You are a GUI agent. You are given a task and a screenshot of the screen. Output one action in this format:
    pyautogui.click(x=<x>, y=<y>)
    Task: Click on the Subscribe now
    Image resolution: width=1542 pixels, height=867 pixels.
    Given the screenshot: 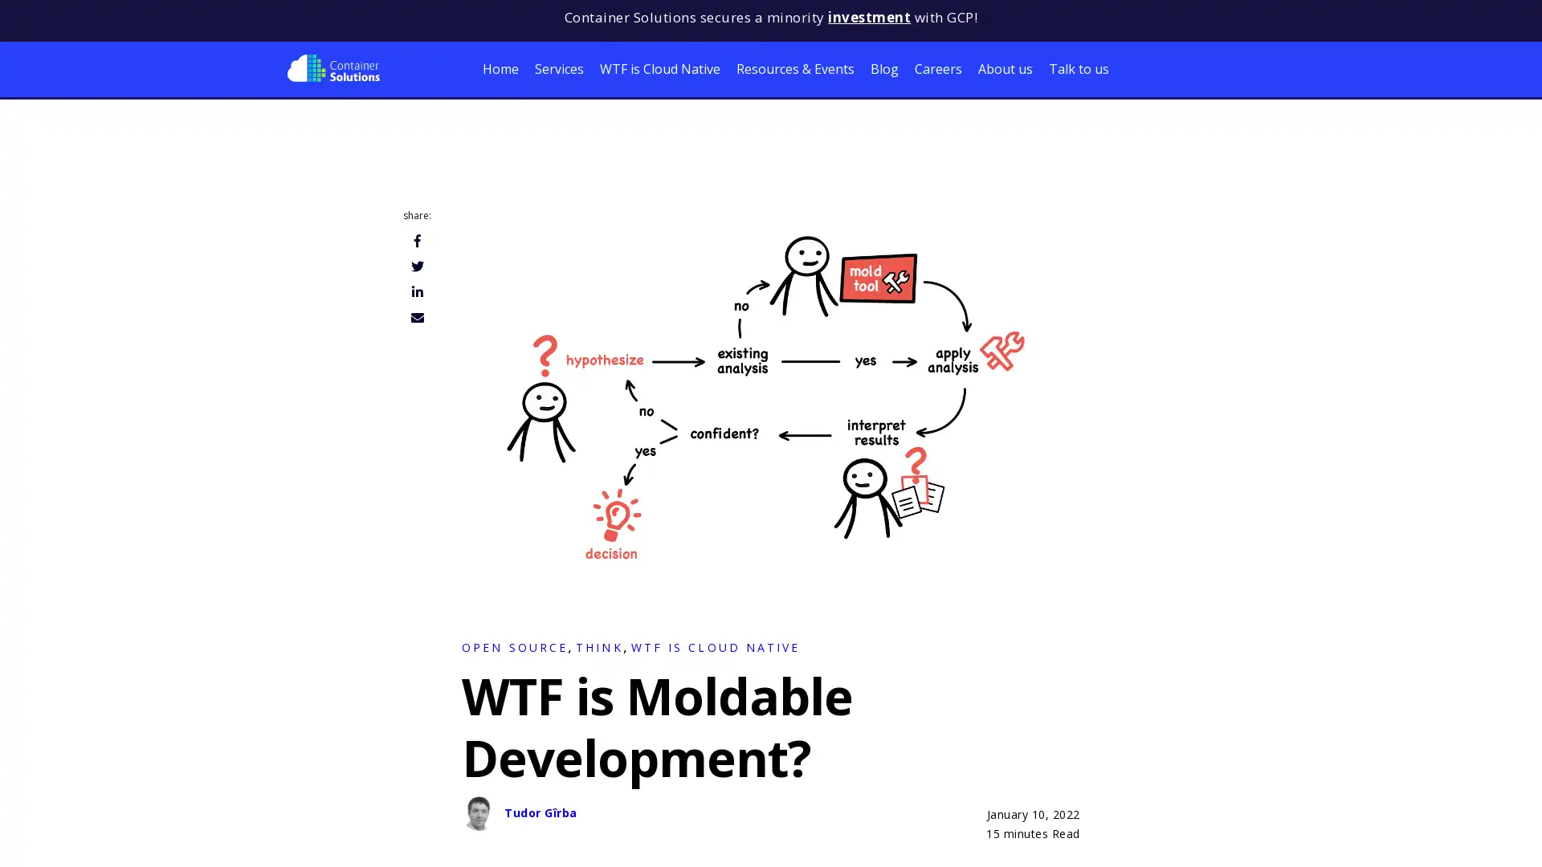 What is the action you would take?
    pyautogui.click(x=169, y=835)
    